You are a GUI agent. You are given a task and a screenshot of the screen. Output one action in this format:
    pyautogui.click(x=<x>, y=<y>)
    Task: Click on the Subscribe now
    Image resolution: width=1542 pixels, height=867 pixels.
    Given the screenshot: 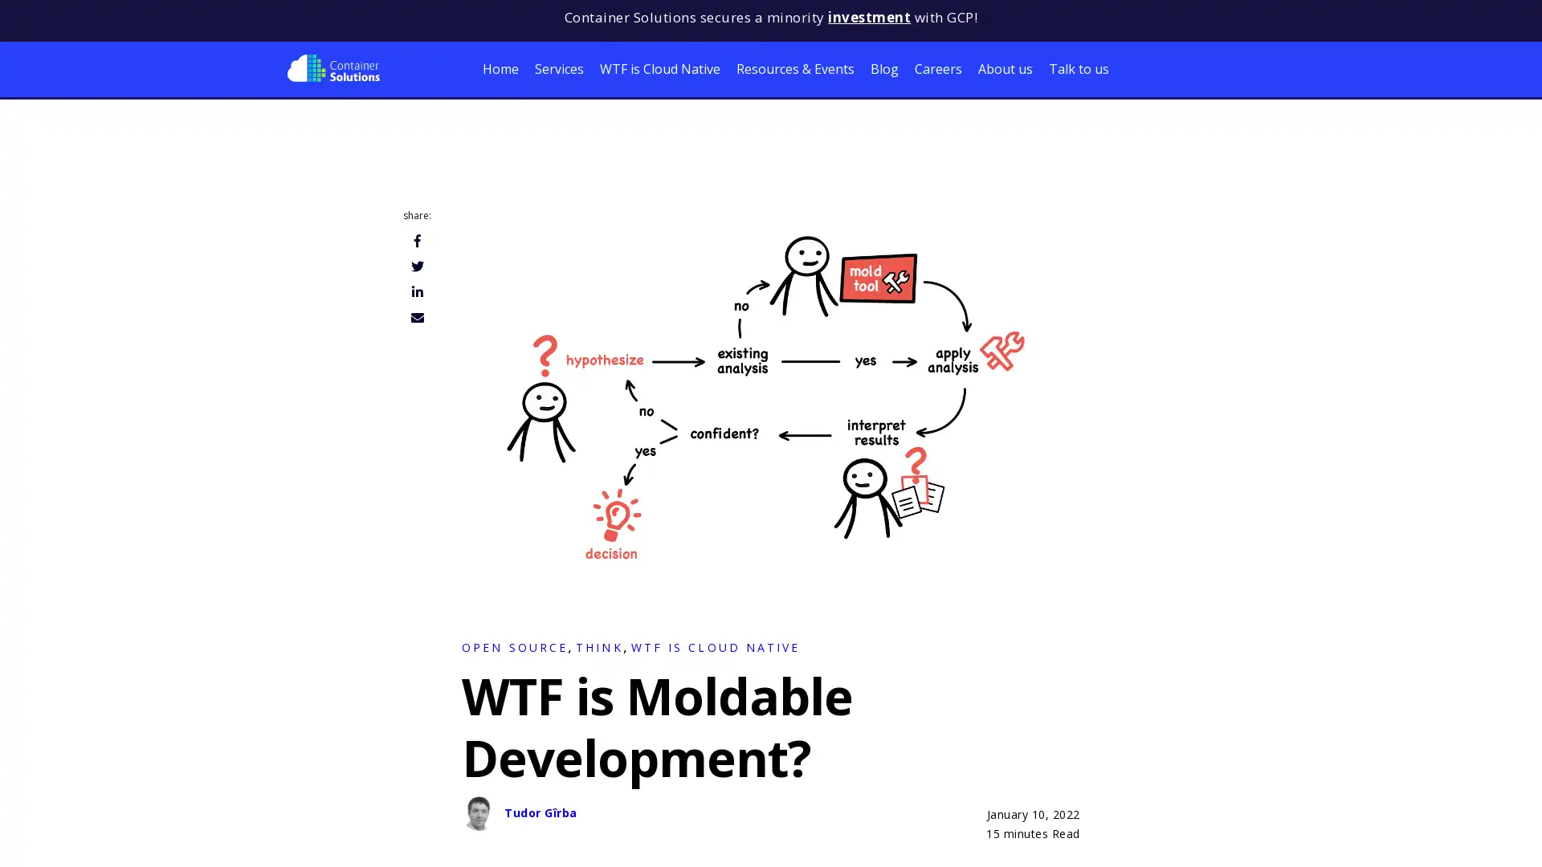 What is the action you would take?
    pyautogui.click(x=169, y=835)
    